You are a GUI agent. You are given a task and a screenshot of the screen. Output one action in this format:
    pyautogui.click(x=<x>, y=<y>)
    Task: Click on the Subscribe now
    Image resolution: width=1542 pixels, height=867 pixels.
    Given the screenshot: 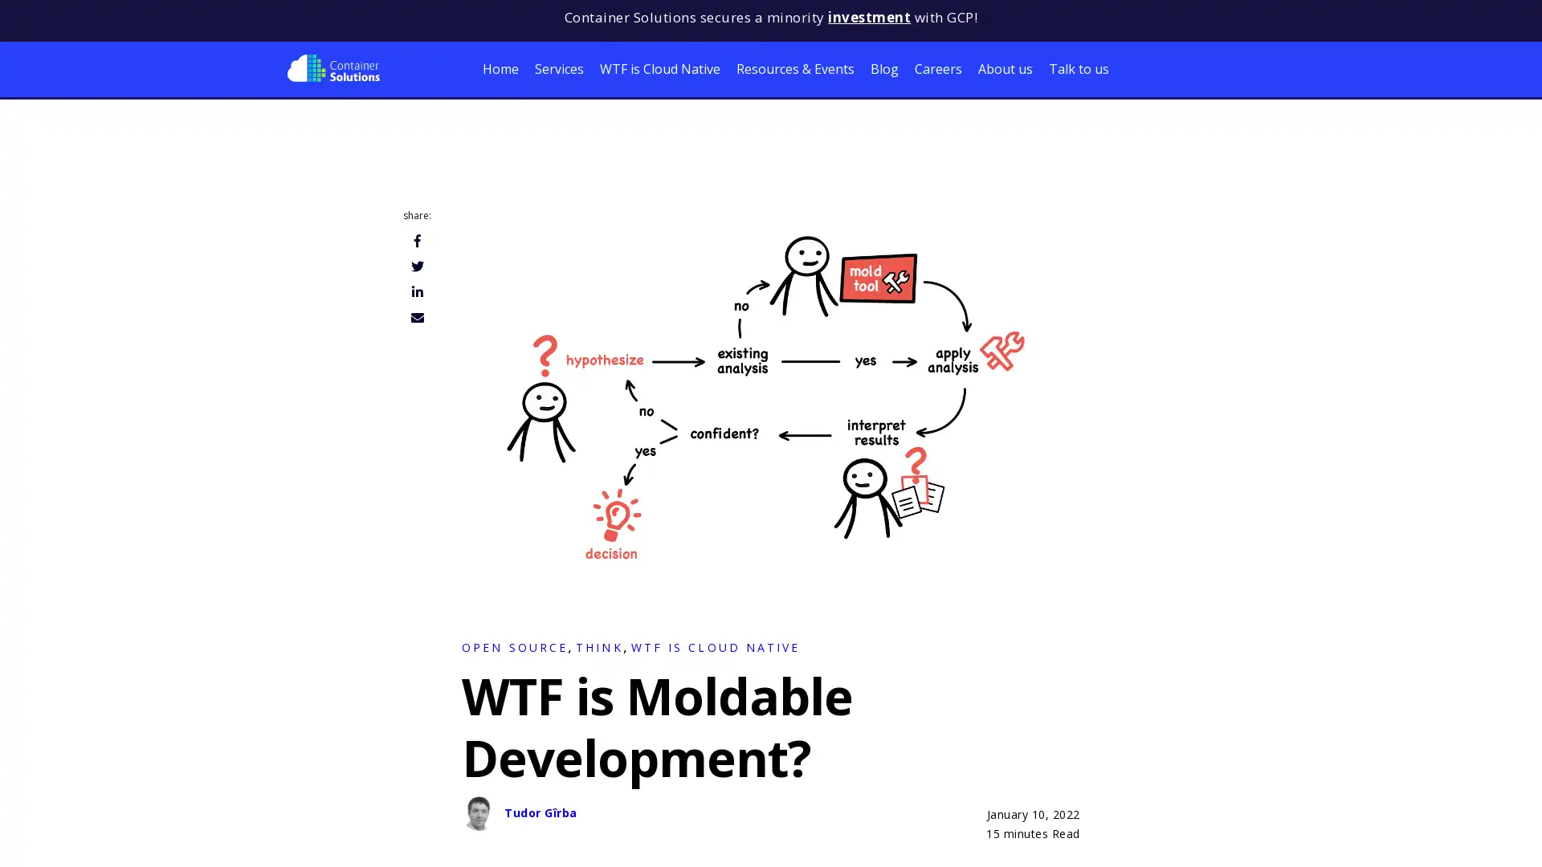 What is the action you would take?
    pyautogui.click(x=169, y=835)
    